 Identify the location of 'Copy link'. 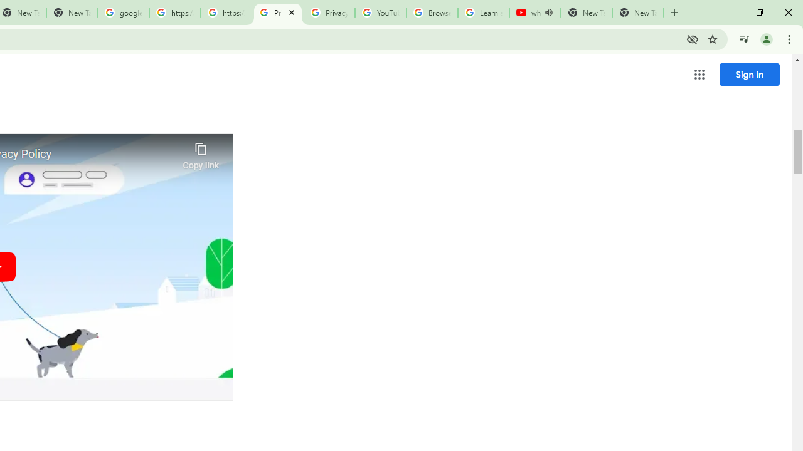
(201, 152).